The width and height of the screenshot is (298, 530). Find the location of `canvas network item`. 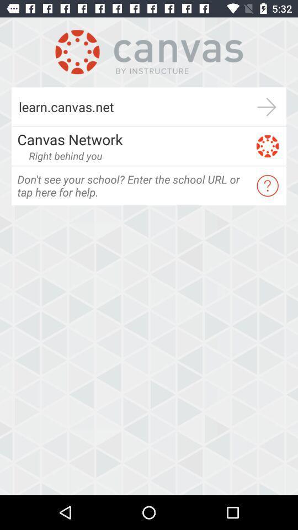

canvas network item is located at coordinates (133, 139).